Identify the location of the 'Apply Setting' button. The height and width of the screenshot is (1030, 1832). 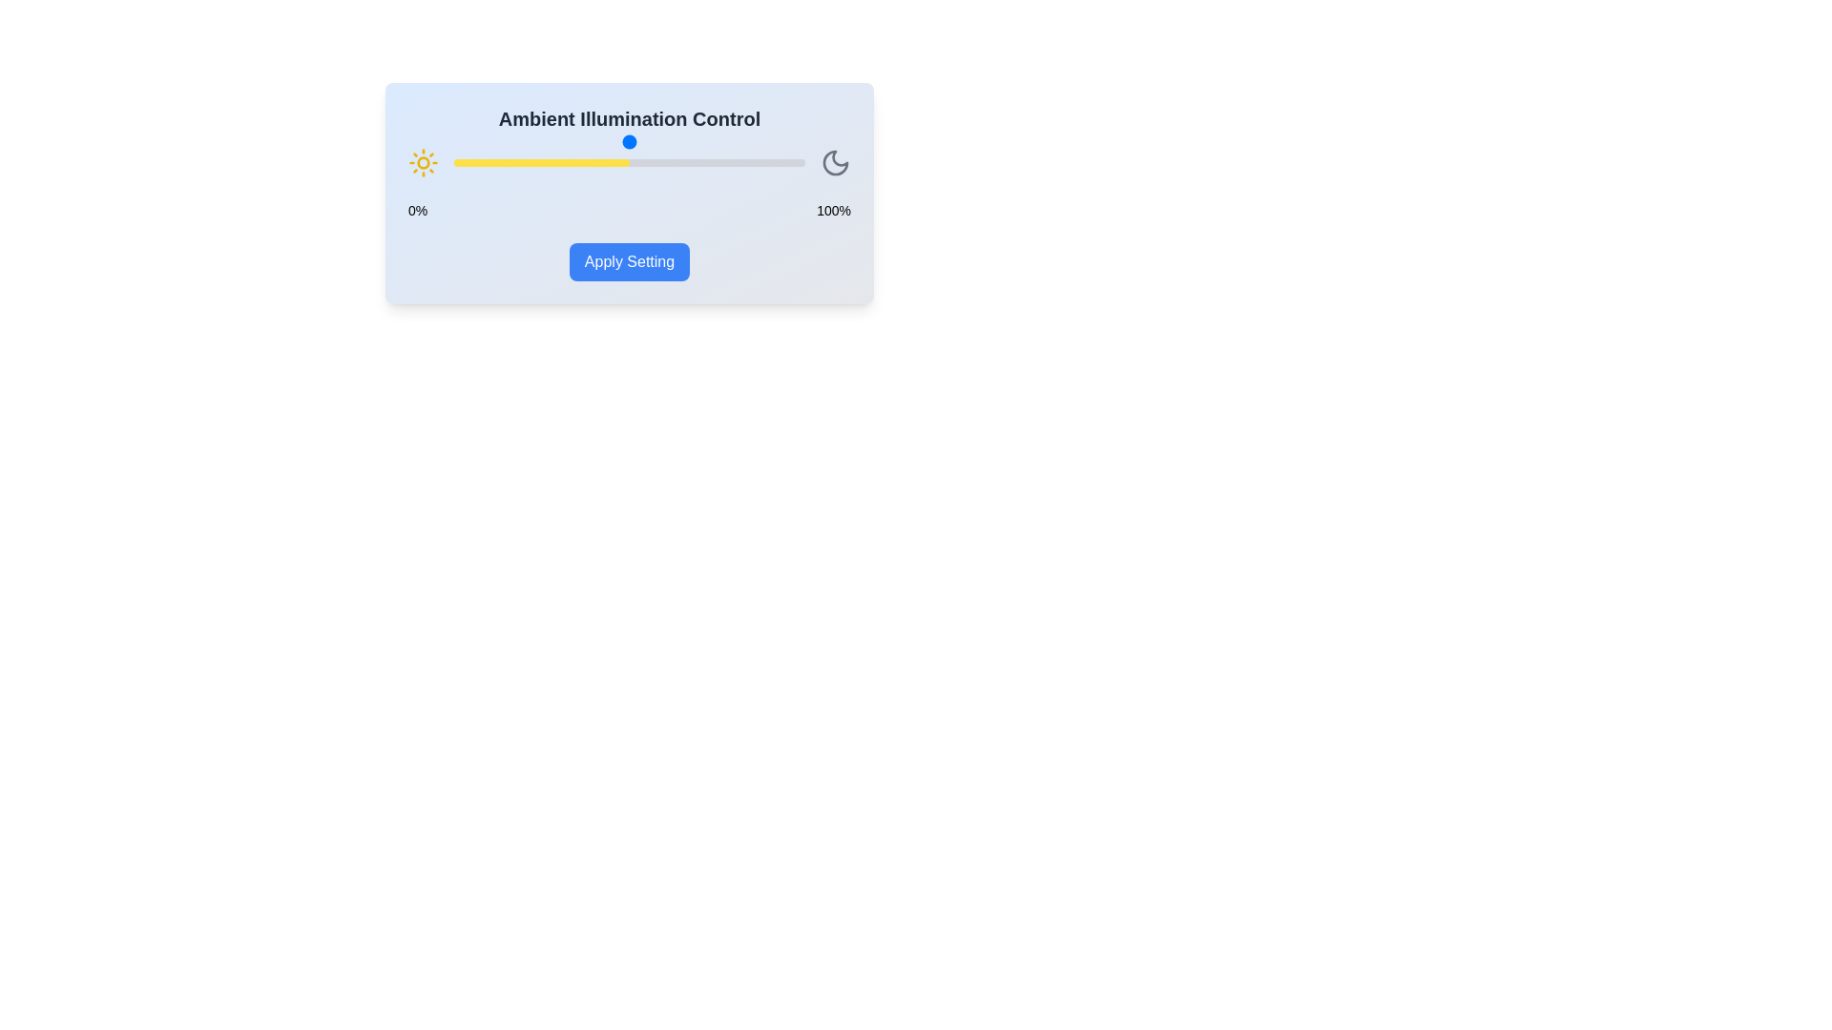
(630, 261).